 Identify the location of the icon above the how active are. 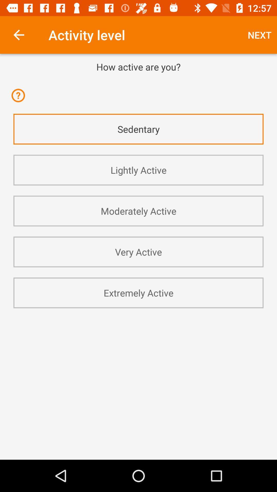
(18, 35).